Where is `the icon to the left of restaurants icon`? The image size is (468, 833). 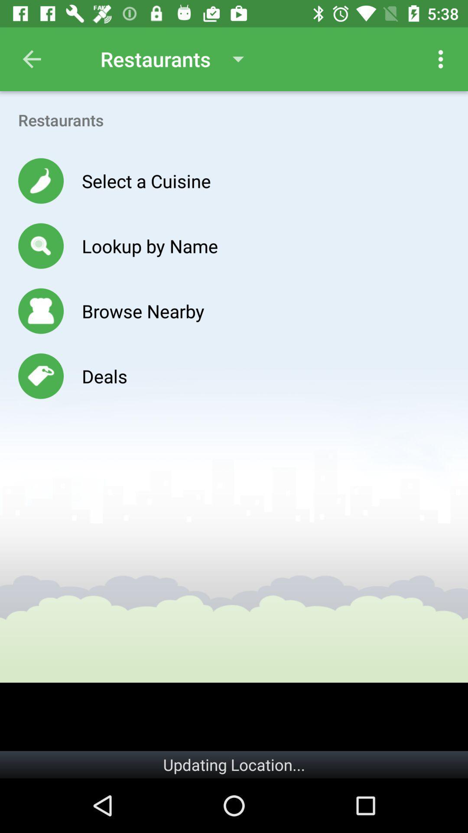 the icon to the left of restaurants icon is located at coordinates (31, 59).